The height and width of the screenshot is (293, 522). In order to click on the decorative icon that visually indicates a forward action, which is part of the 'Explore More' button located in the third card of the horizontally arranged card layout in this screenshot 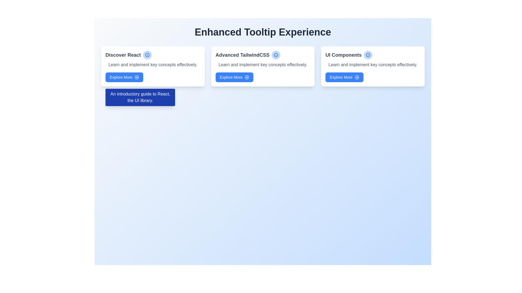, I will do `click(357, 77)`.